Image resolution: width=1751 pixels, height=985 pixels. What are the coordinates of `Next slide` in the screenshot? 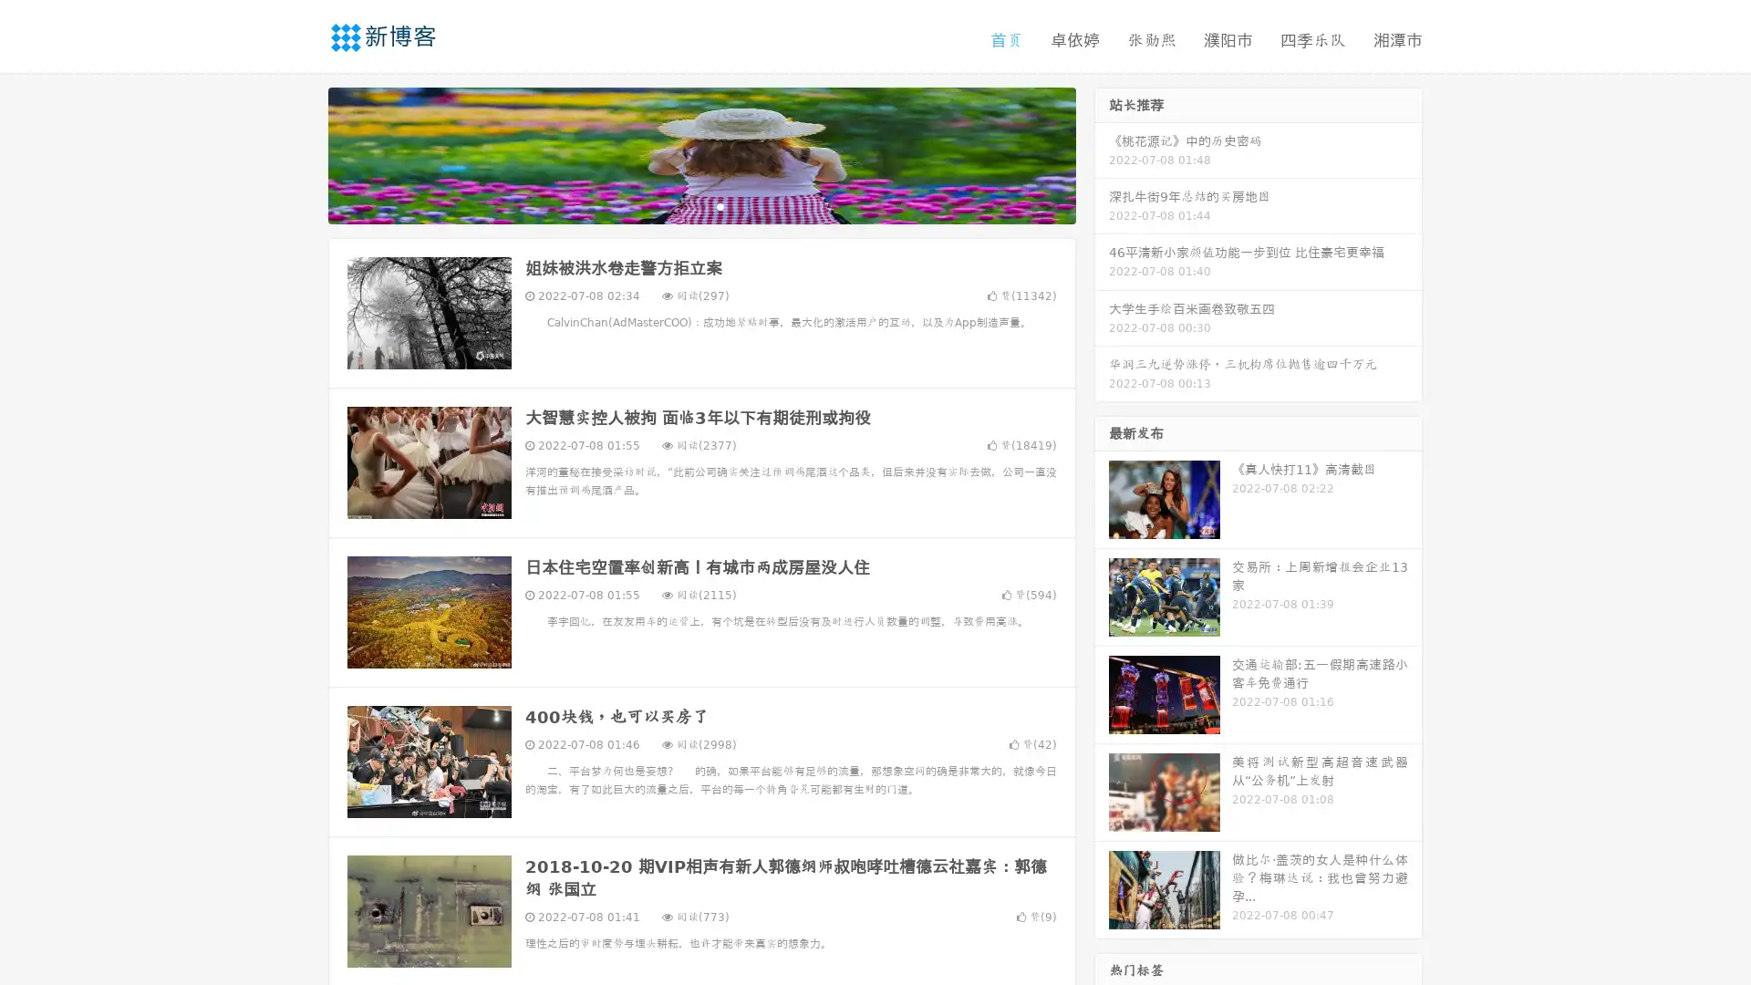 It's located at (1102, 153).